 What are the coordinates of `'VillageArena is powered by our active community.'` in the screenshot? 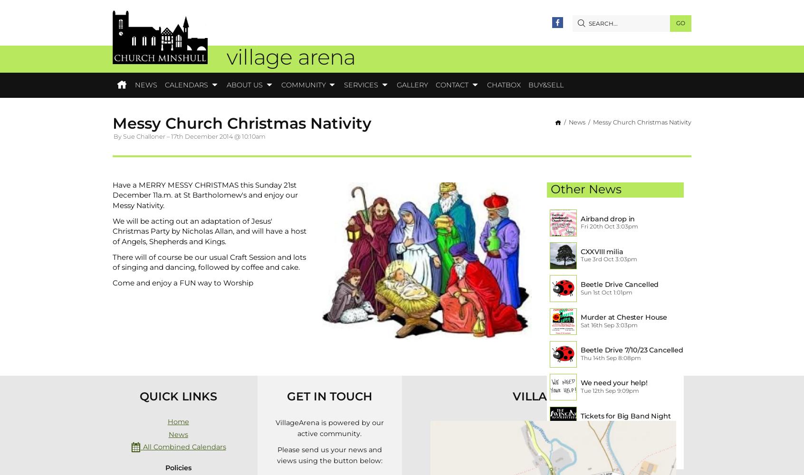 It's located at (329, 428).